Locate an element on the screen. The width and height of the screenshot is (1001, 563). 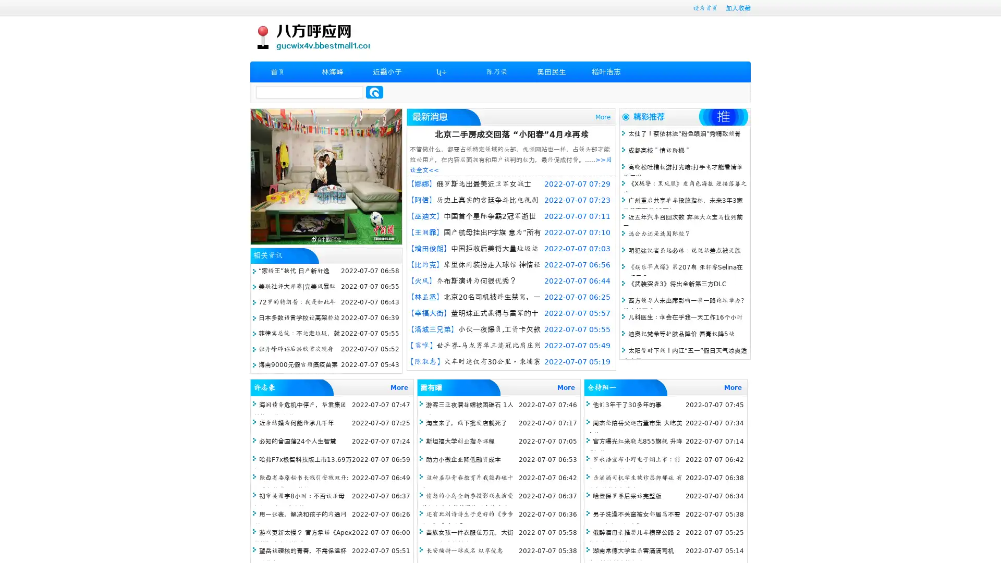
Search is located at coordinates (374, 92).